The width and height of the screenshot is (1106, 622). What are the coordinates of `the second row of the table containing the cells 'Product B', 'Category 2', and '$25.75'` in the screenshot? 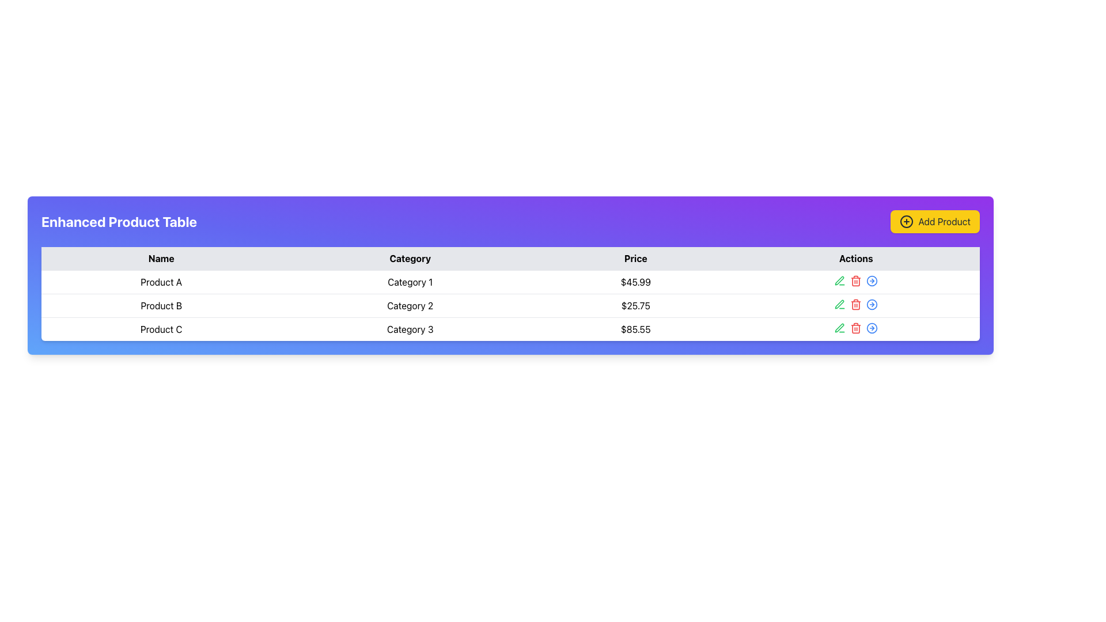 It's located at (510, 305).